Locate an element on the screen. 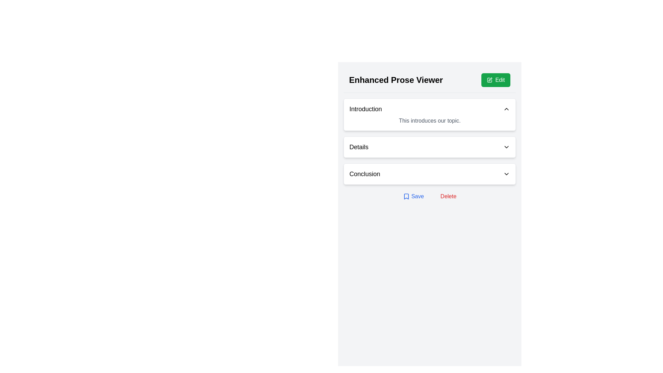 The width and height of the screenshot is (663, 373). the Dropdown toggle located between the 'Introduction' and 'Conclusion' sections to enable keyboard interaction is located at coordinates (429, 146).